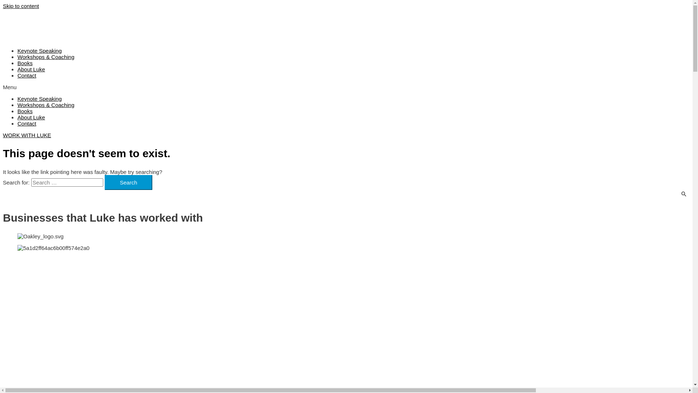  What do you see at coordinates (21, 6) in the screenshot?
I see `'Skip to content'` at bounding box center [21, 6].